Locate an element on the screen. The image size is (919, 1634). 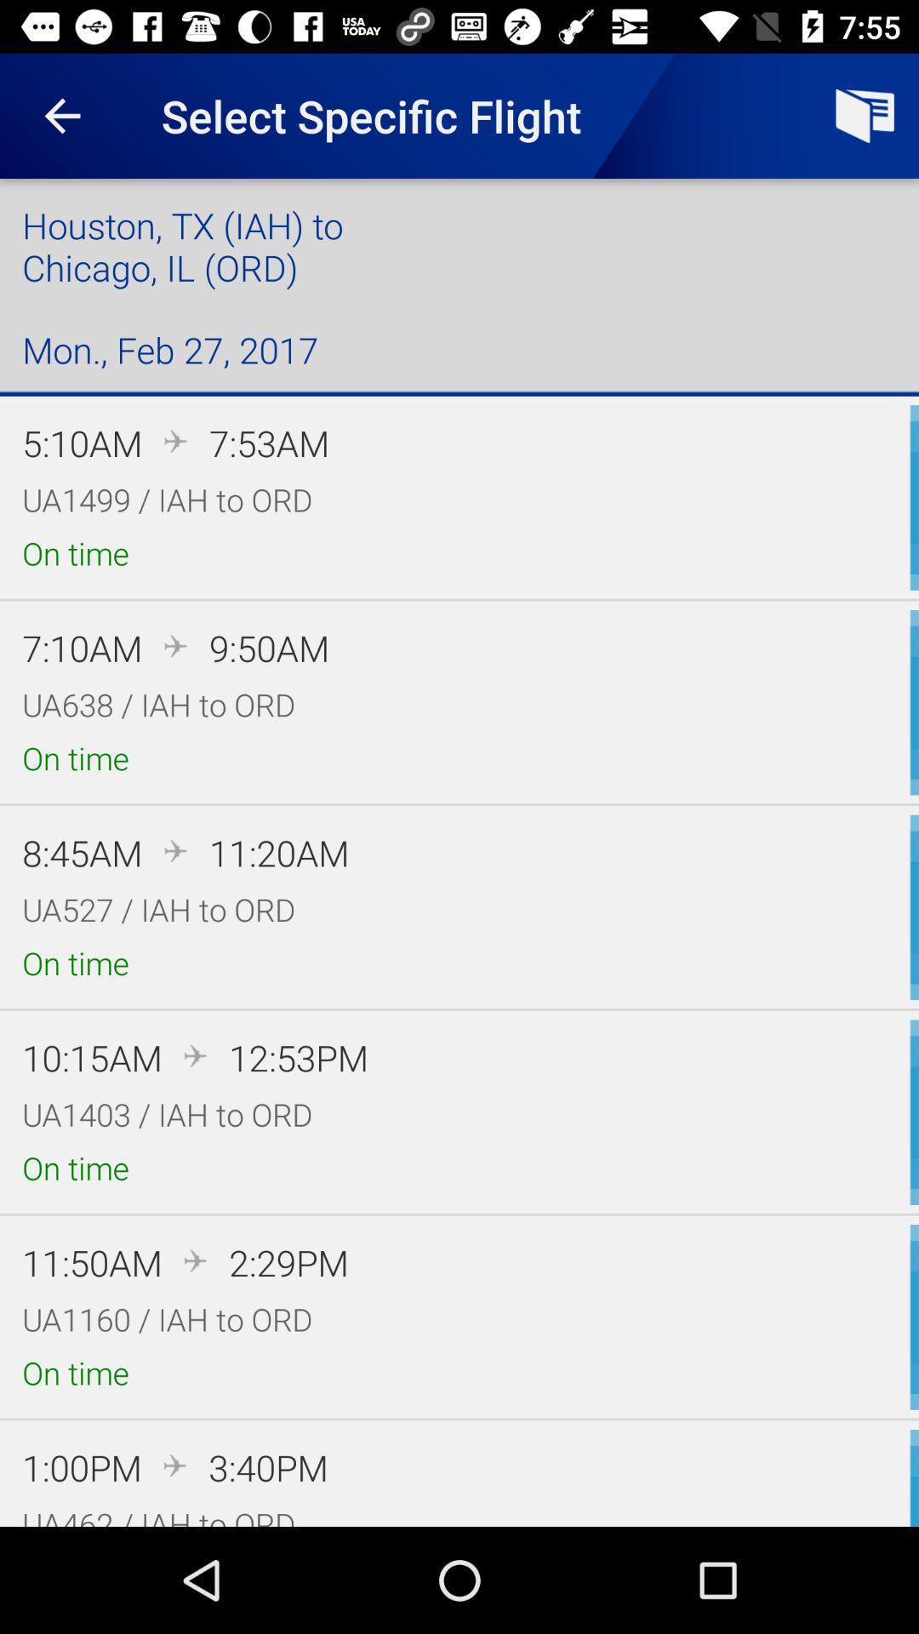
the 2:29pm item is located at coordinates (288, 1262).